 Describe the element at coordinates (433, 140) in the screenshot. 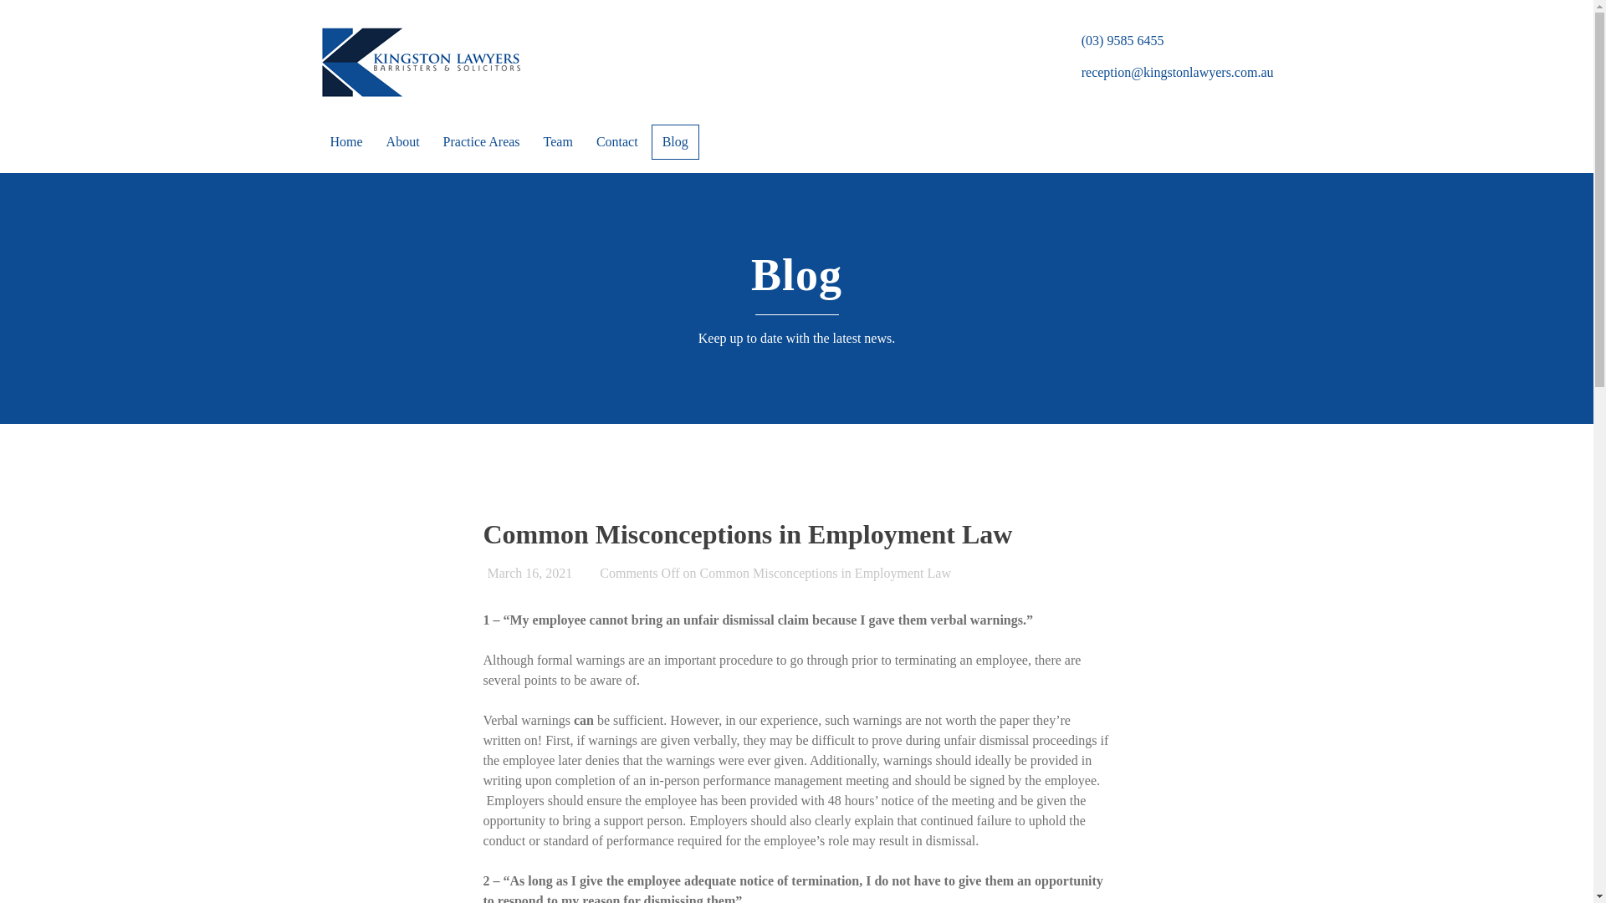

I see `'Practice Areas'` at that location.